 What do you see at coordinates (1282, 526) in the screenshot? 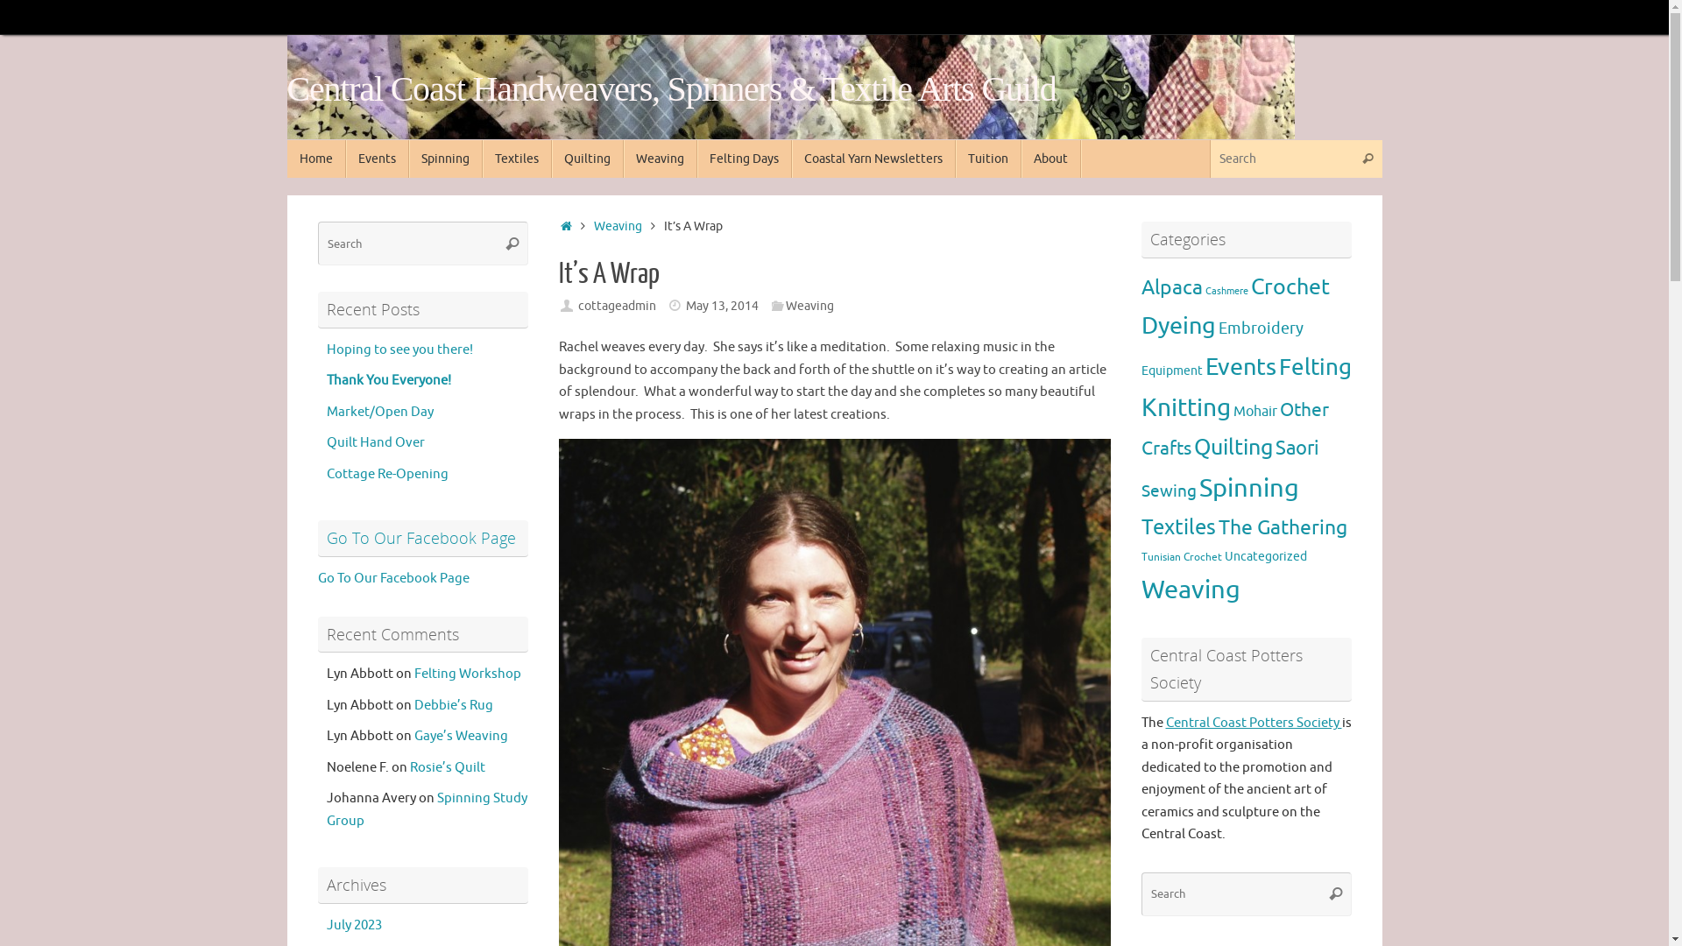
I see `'The Gathering'` at bounding box center [1282, 526].